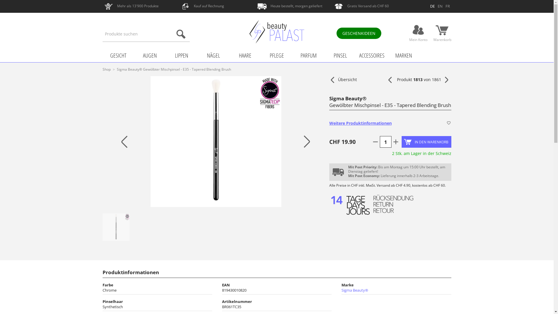  What do you see at coordinates (245, 56) in the screenshot?
I see `'HAARE'` at bounding box center [245, 56].